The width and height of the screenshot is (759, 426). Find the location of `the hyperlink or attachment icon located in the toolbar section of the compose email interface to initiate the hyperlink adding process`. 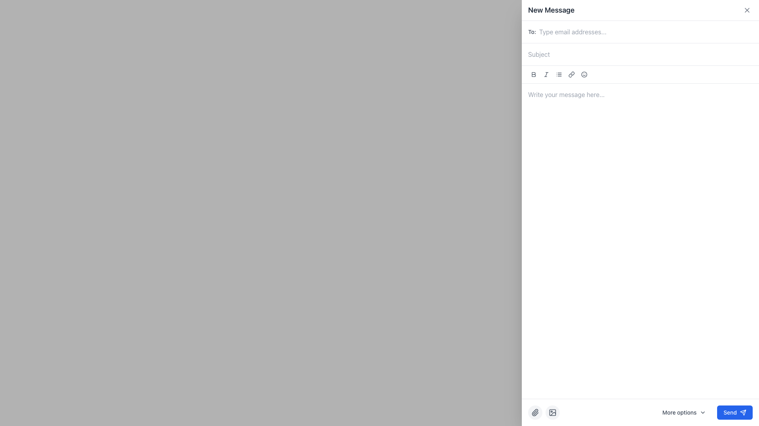

the hyperlink or attachment icon located in the toolbar section of the compose email interface to initiate the hyperlink adding process is located at coordinates (571, 75).